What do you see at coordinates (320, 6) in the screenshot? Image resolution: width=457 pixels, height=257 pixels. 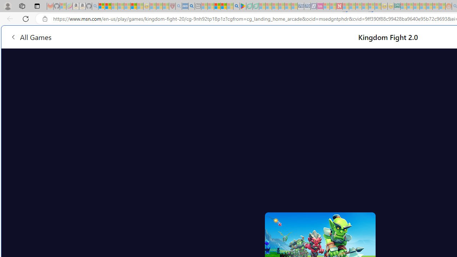 I see `'Jobs - lastminute.com Investor Portal - Sleeping'` at bounding box center [320, 6].